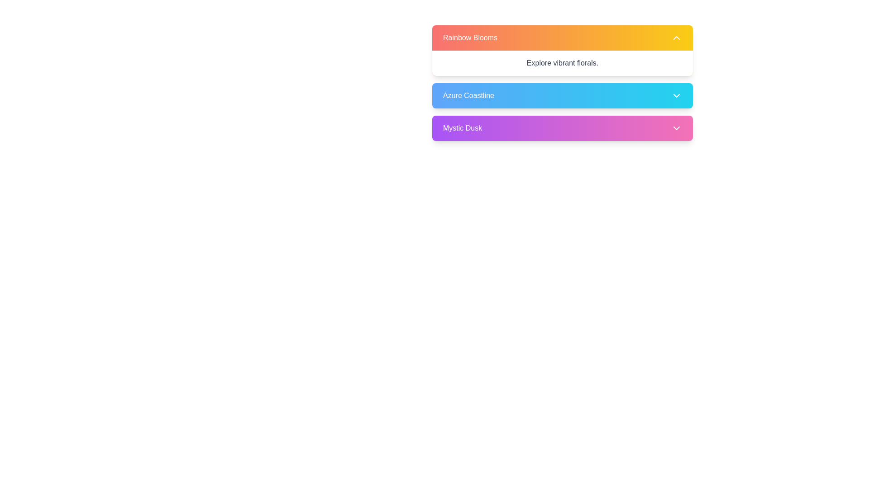 The height and width of the screenshot is (488, 869). I want to click on the triangular icon button at the rightmost edge of the 'Mystic Dusk' bar, so click(676, 128).